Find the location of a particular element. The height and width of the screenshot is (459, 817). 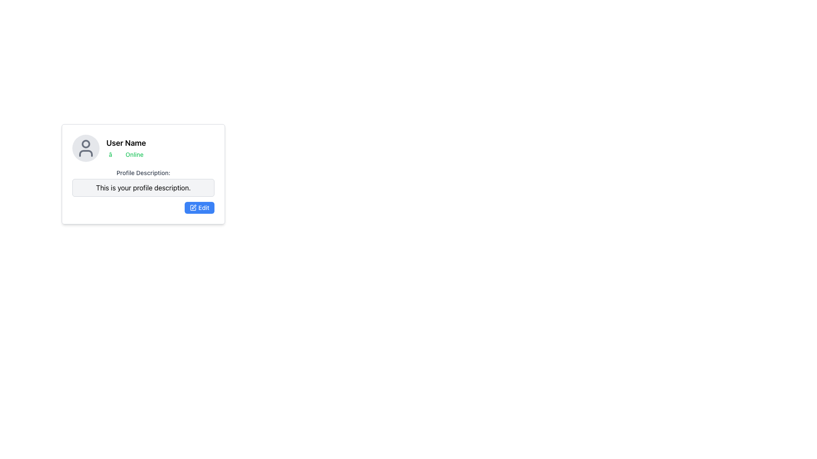

the interactive button located at the bottom-right corner of the user's profile card to observe the hover effects is located at coordinates (199, 208).